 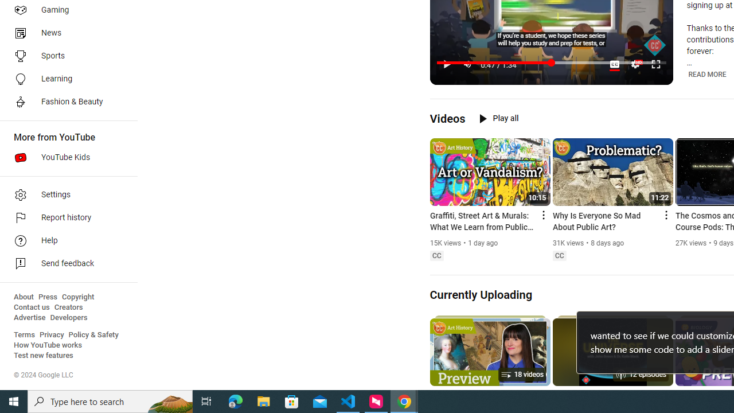 What do you see at coordinates (64, 101) in the screenshot?
I see `'Fashion & Beauty'` at bounding box center [64, 101].